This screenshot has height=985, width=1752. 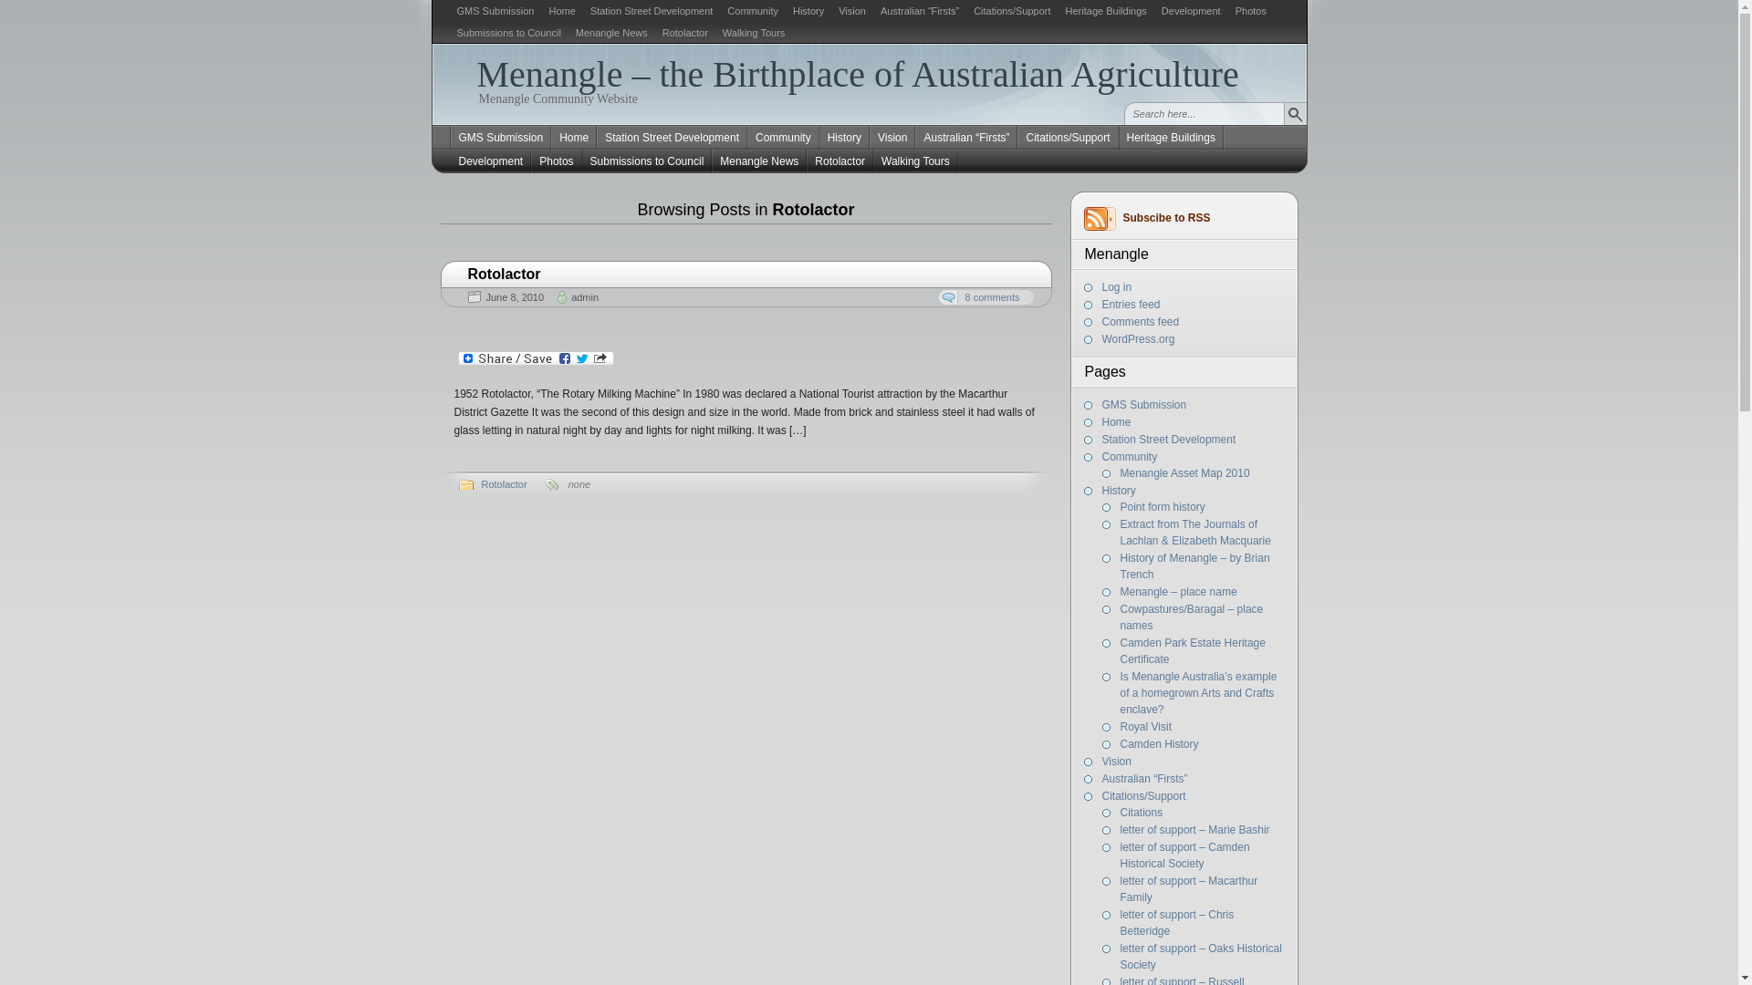 What do you see at coordinates (1130, 304) in the screenshot?
I see `'Entries feed'` at bounding box center [1130, 304].